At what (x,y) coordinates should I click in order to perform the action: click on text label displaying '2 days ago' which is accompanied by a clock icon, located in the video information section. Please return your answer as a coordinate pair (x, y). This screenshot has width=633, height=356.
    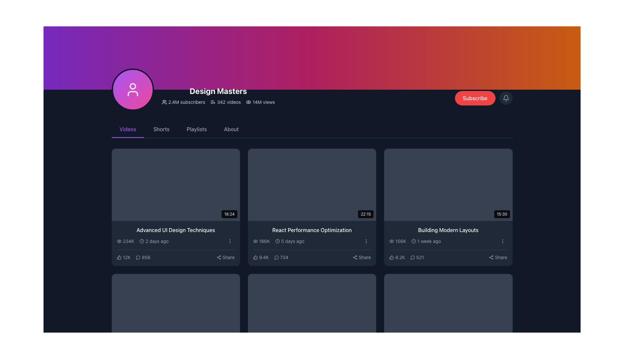
    Looking at the image, I should click on (154, 241).